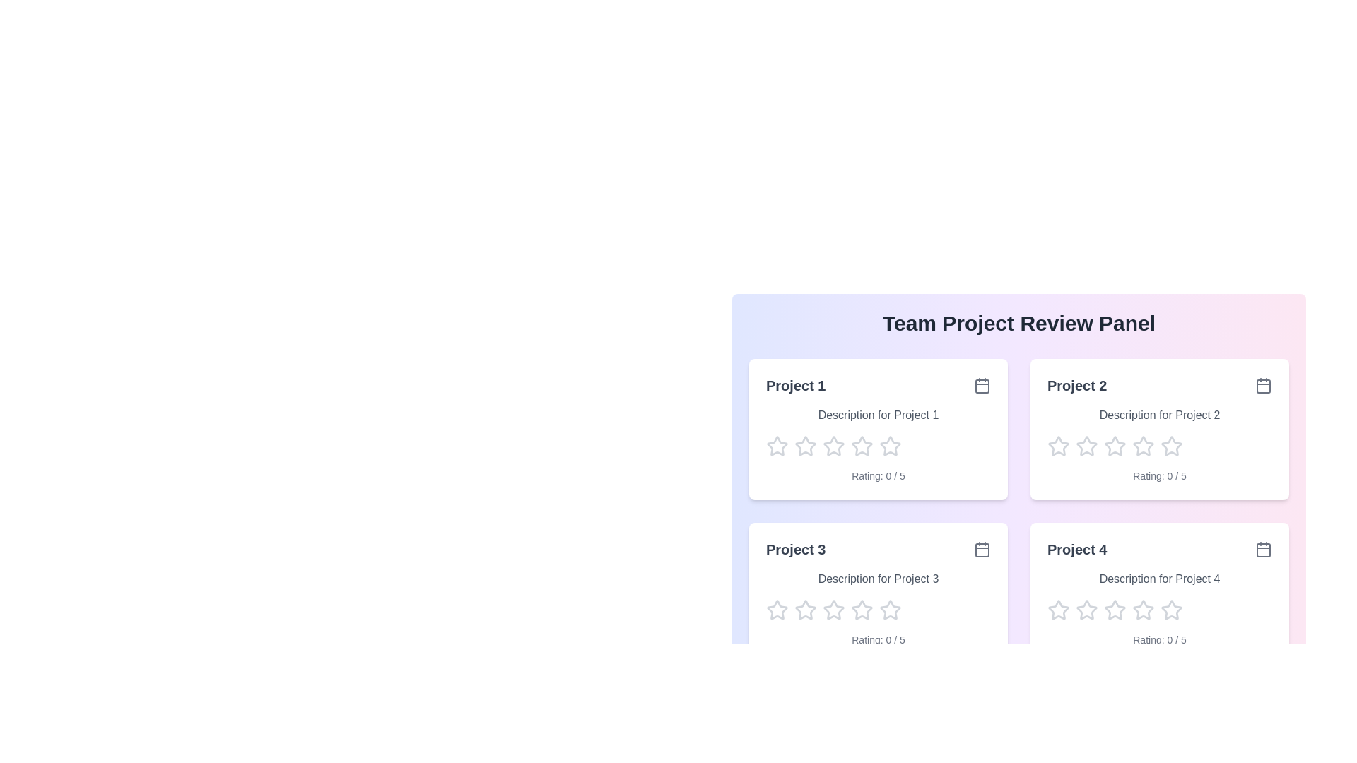 The image size is (1357, 763). Describe the element at coordinates (776, 446) in the screenshot. I see `the star corresponding to 1 to preview the rating effect` at that location.